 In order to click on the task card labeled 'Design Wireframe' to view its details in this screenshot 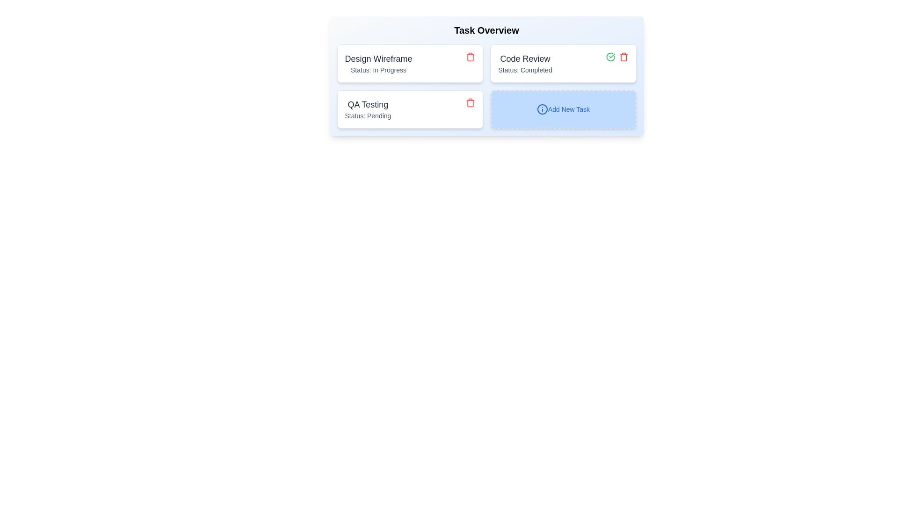, I will do `click(378, 63)`.